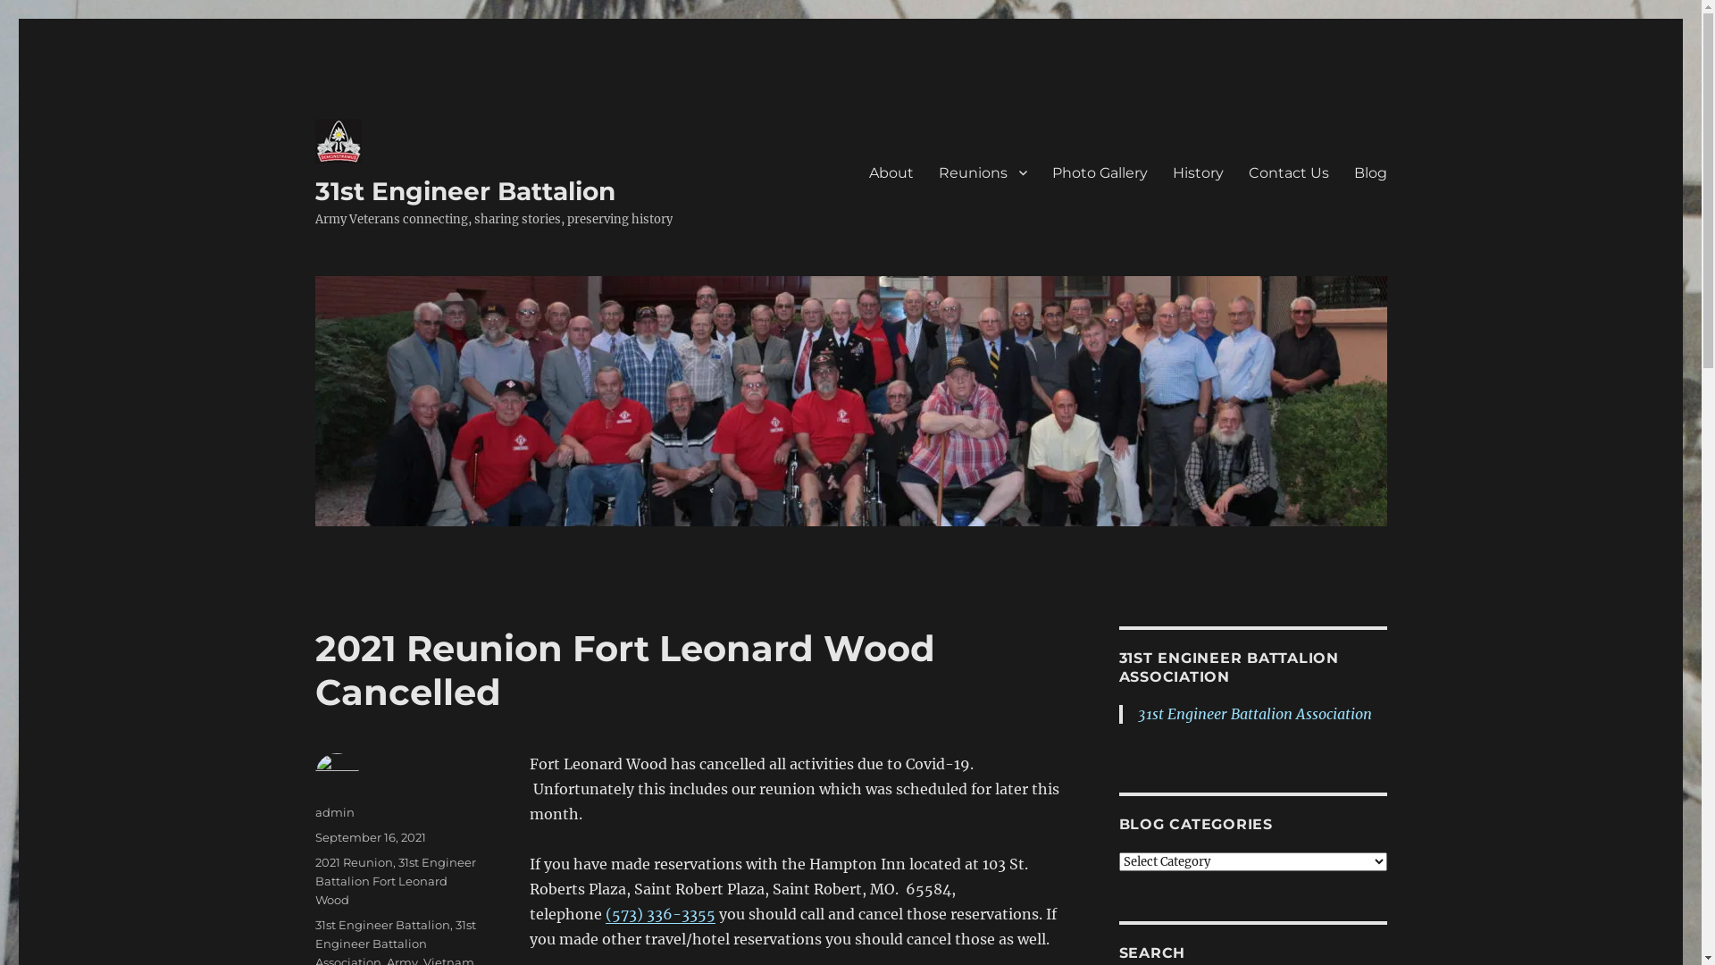  I want to click on 'Reunions', so click(981, 172).